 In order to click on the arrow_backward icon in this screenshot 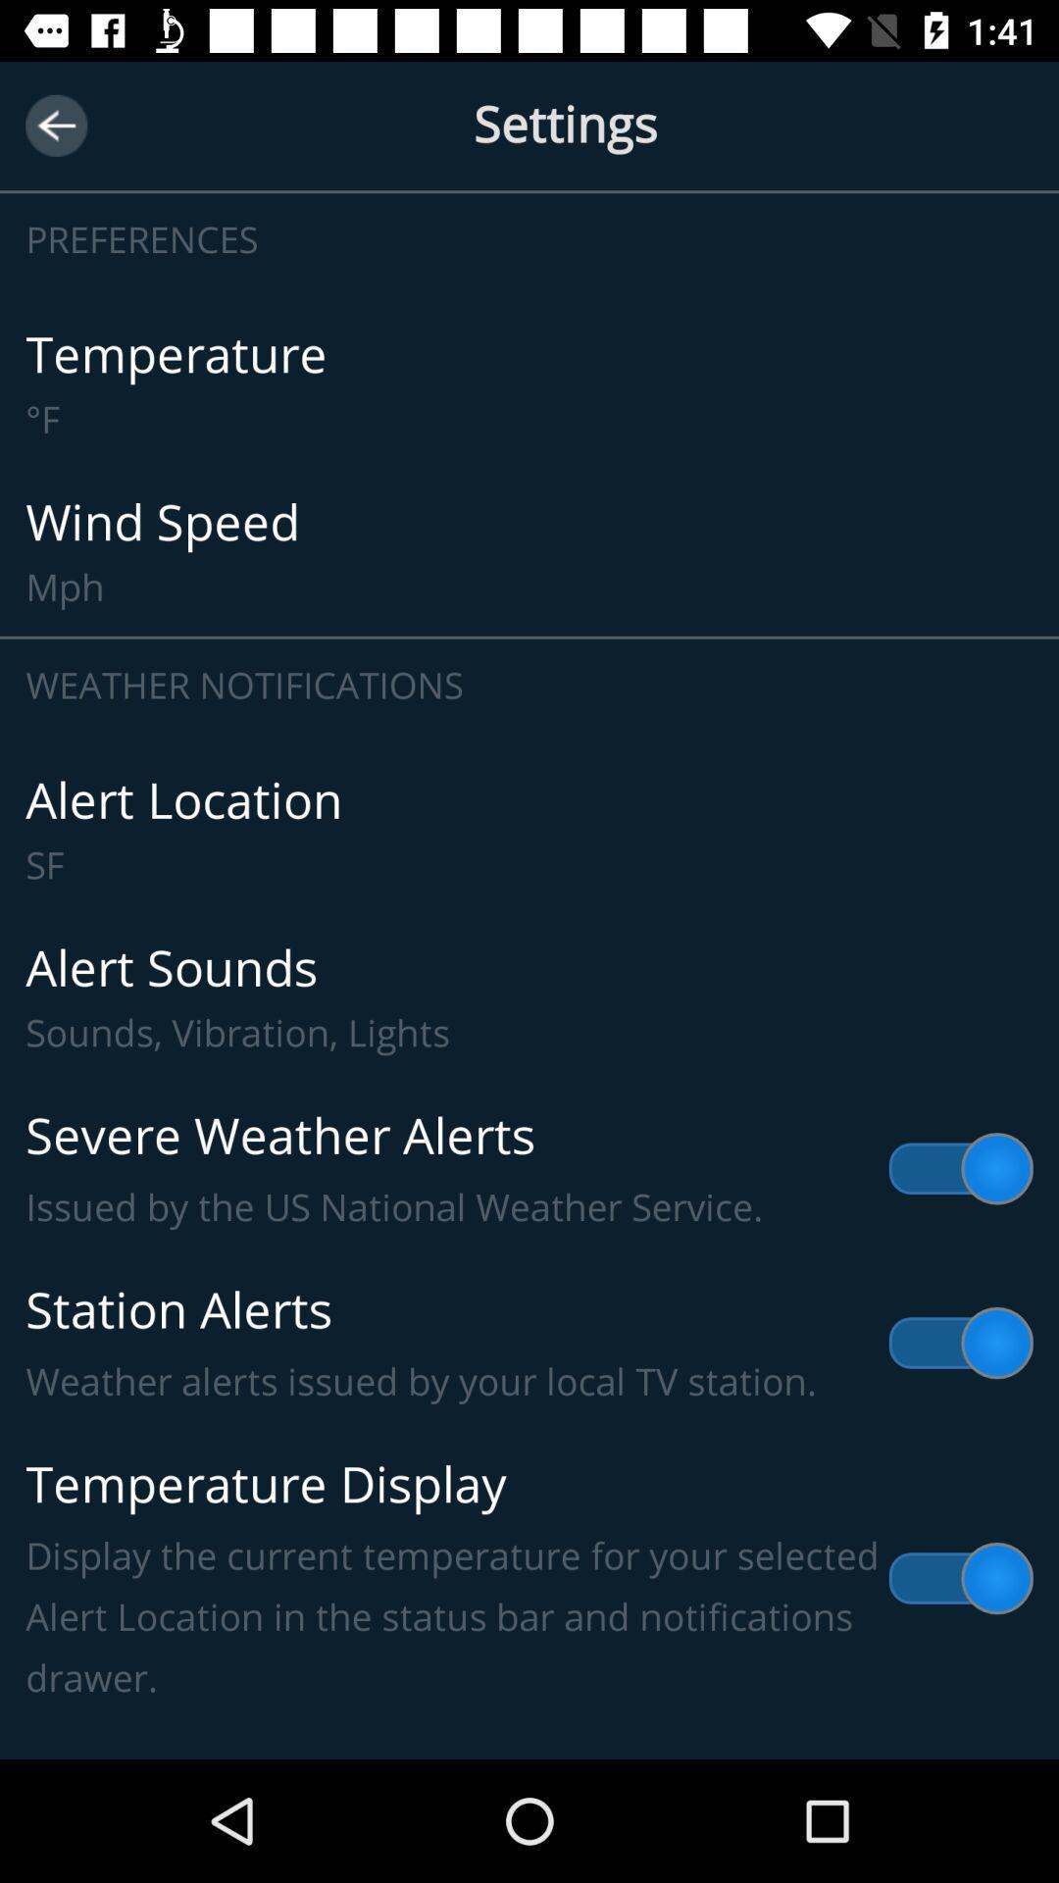, I will do `click(55, 125)`.